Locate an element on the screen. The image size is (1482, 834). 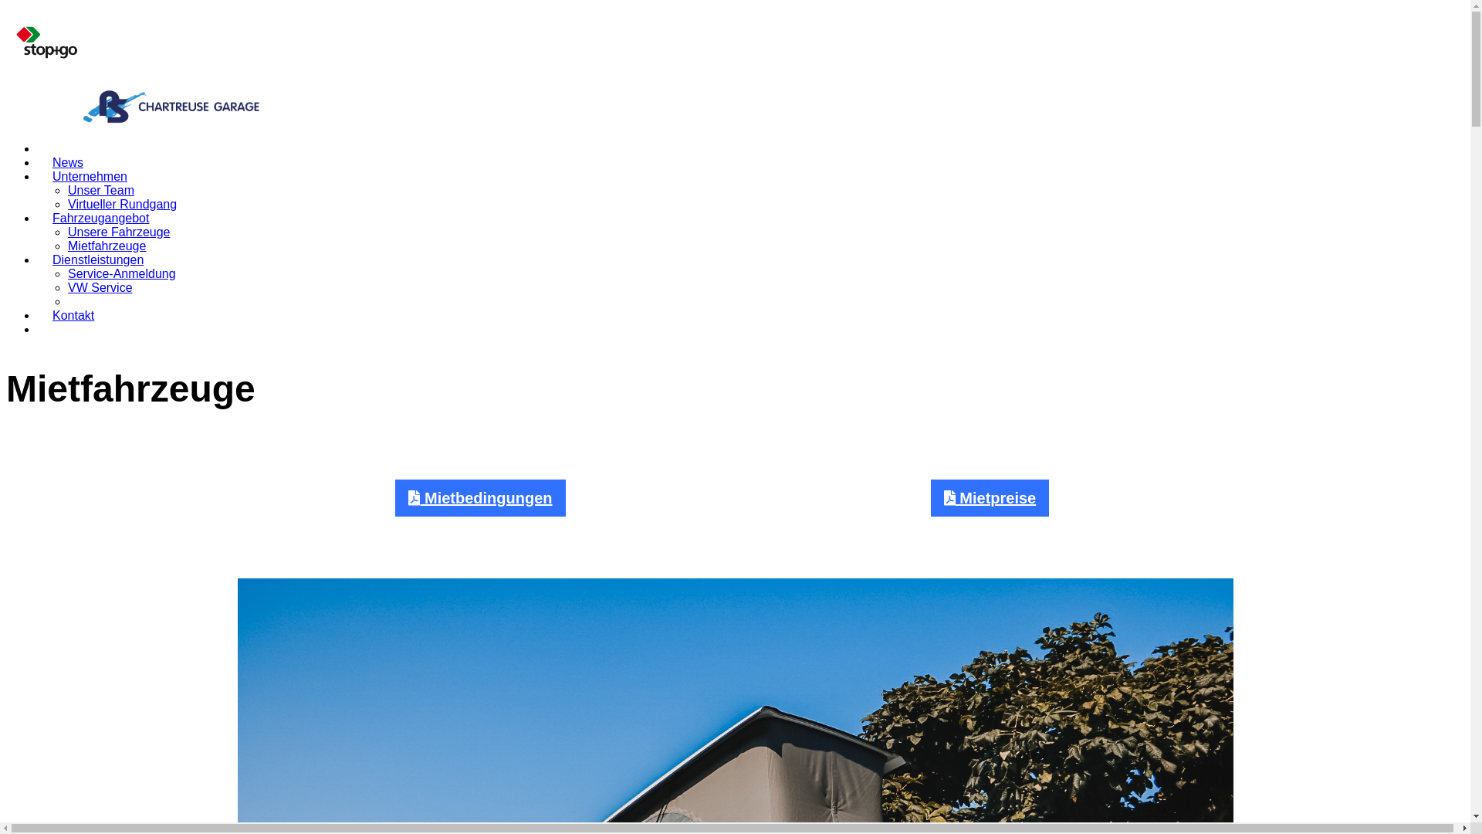
'VW Service' is located at coordinates (99, 287).